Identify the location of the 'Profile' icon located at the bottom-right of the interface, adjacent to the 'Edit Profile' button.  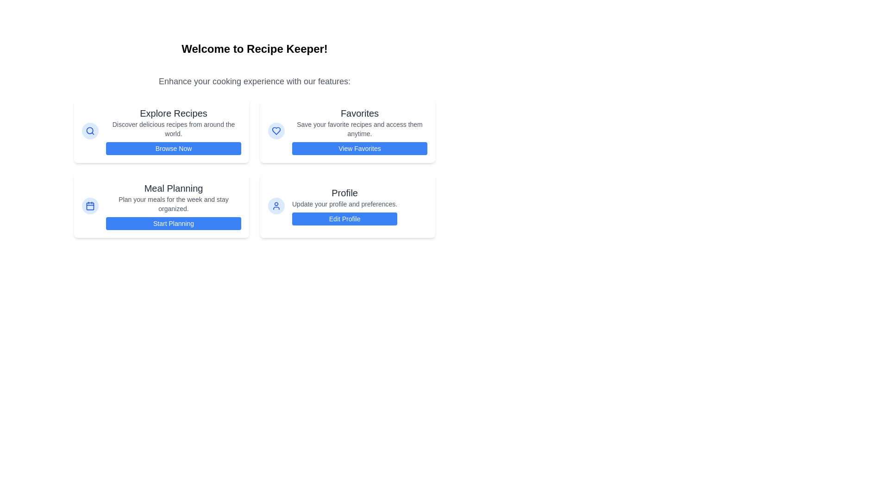
(275, 205).